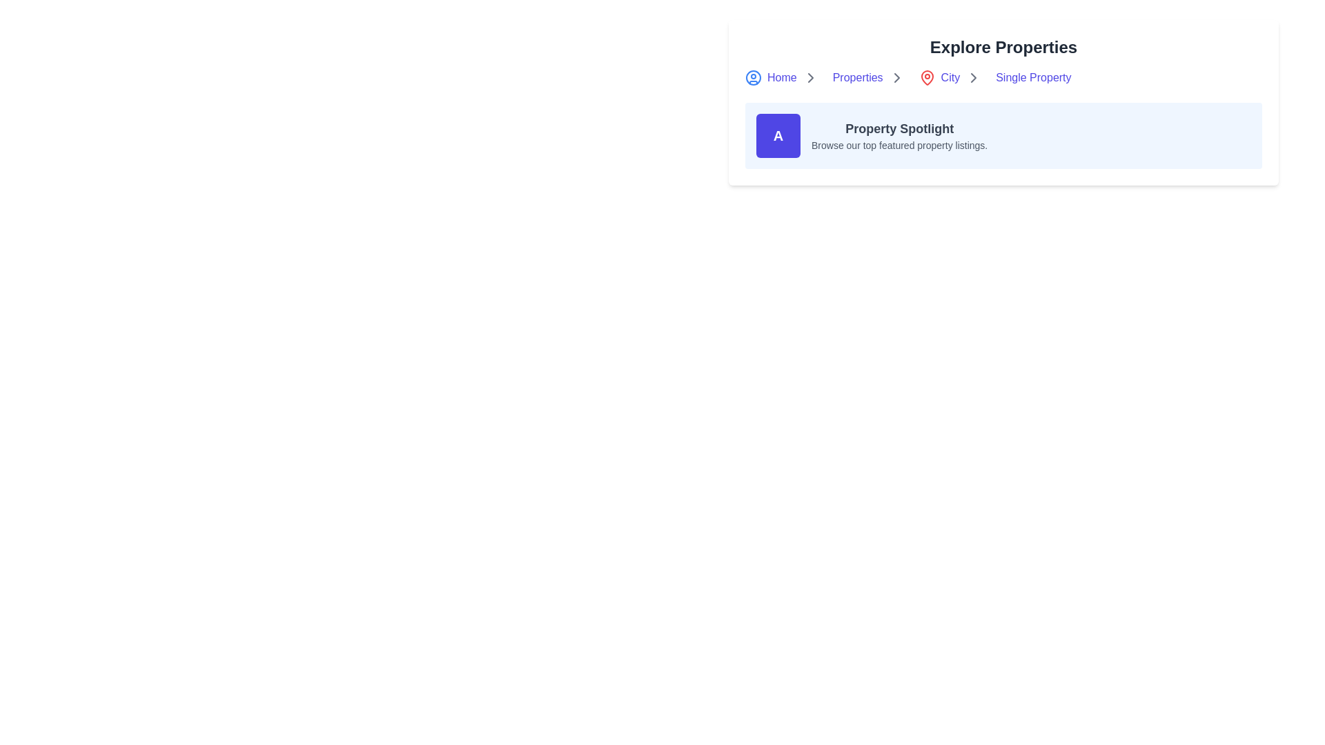 Image resolution: width=1325 pixels, height=745 pixels. I want to click on the first breadcrumb link in the top-left section of the breadcrumb navigation bar, so click(785, 77).